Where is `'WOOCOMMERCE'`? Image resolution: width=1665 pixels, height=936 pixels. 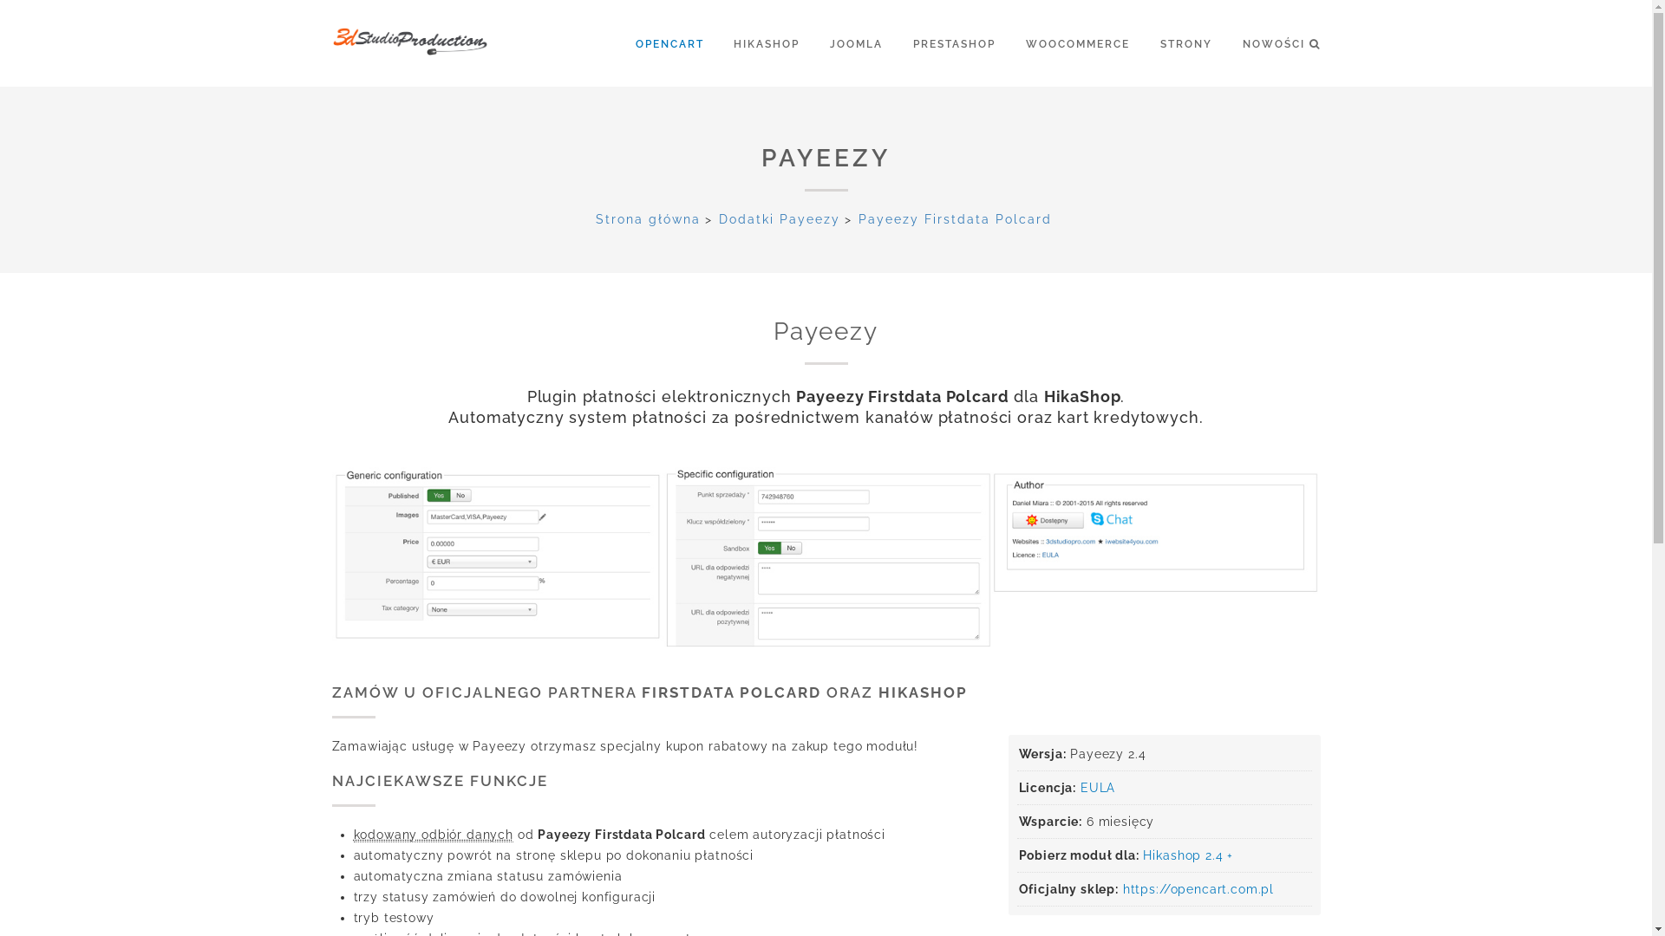 'WOOCOMMERCE' is located at coordinates (1089, 42).